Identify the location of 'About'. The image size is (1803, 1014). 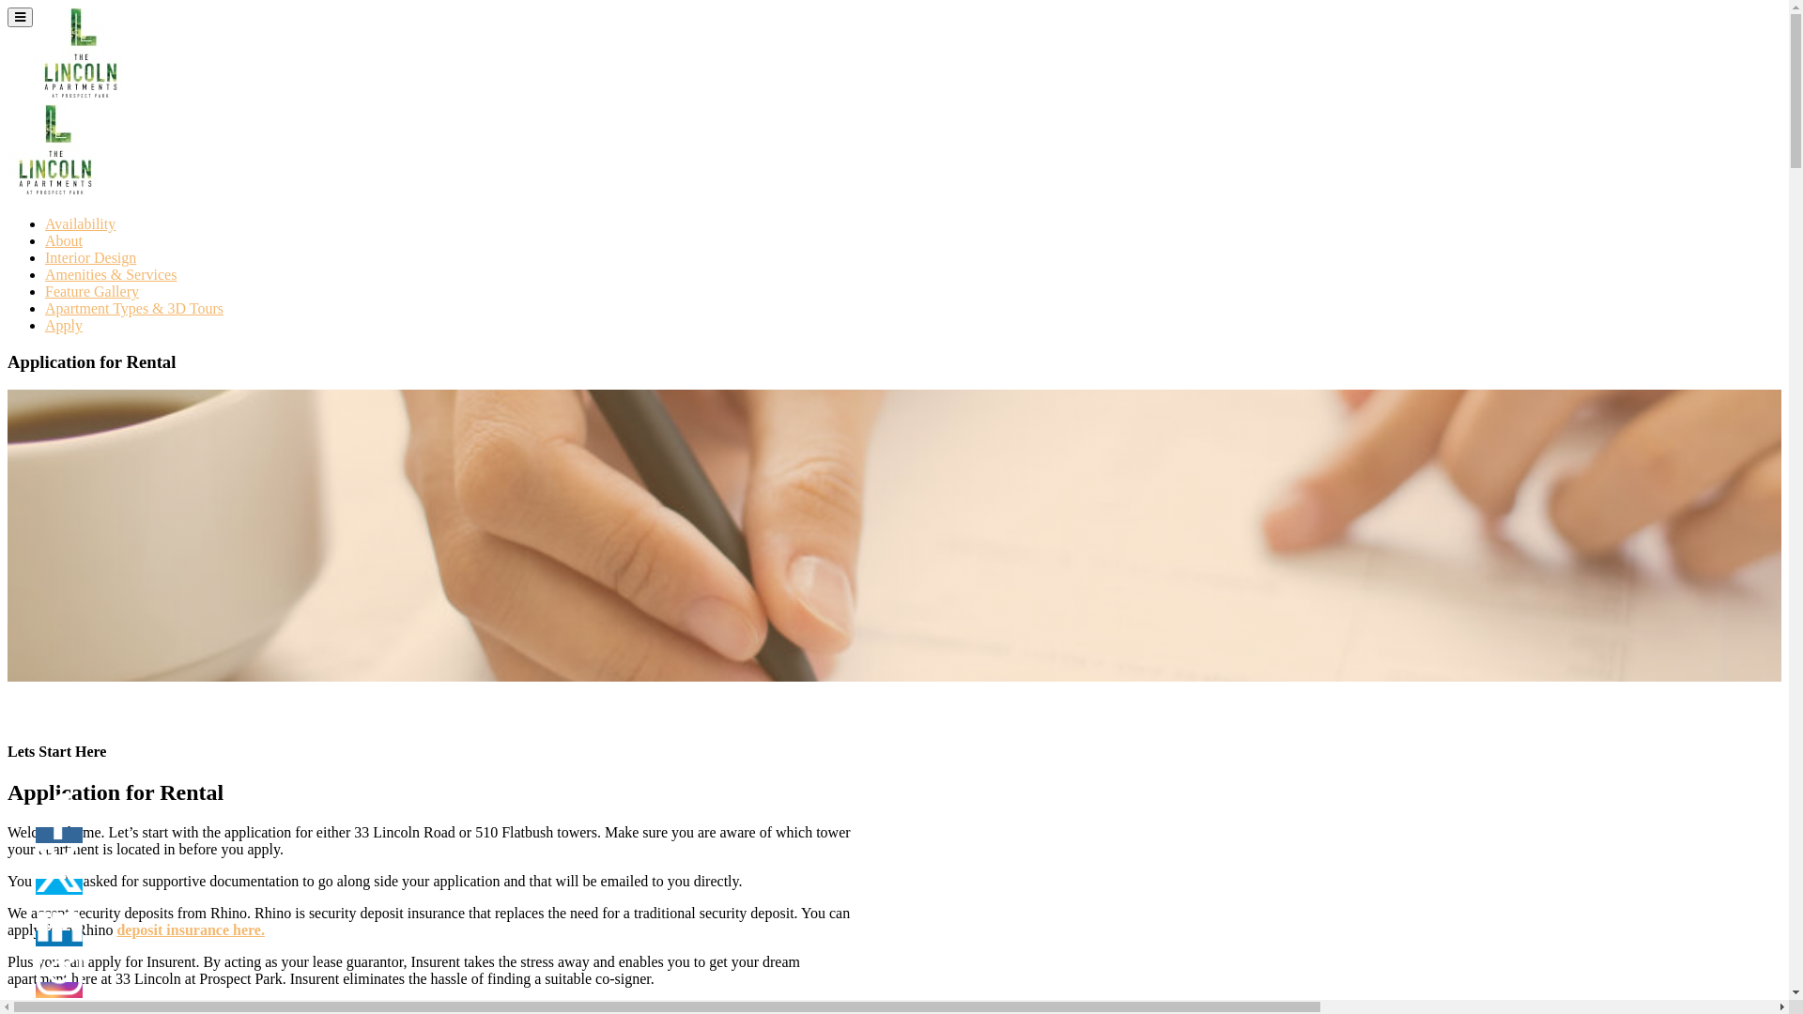
(63, 239).